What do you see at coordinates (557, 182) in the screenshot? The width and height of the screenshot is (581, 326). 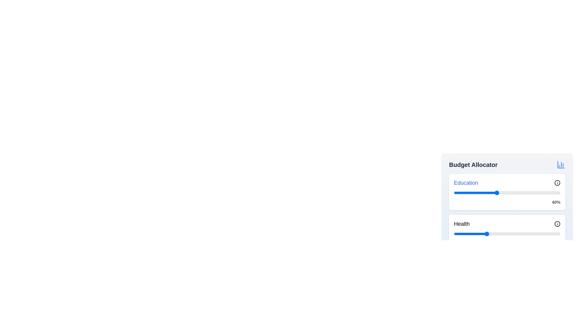 I see `the info icon next to the 'Education' category` at bounding box center [557, 182].